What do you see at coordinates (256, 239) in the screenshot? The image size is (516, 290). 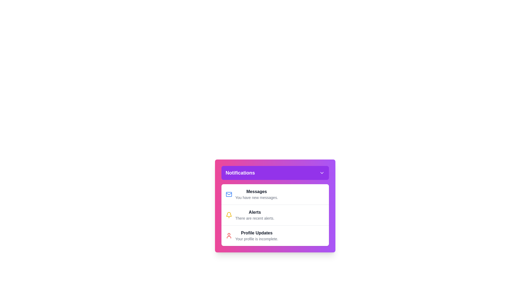 I see `static text segment that says 'Your profile is incomplete.' located below the 'Profile Updates' header in the notification card` at bounding box center [256, 239].